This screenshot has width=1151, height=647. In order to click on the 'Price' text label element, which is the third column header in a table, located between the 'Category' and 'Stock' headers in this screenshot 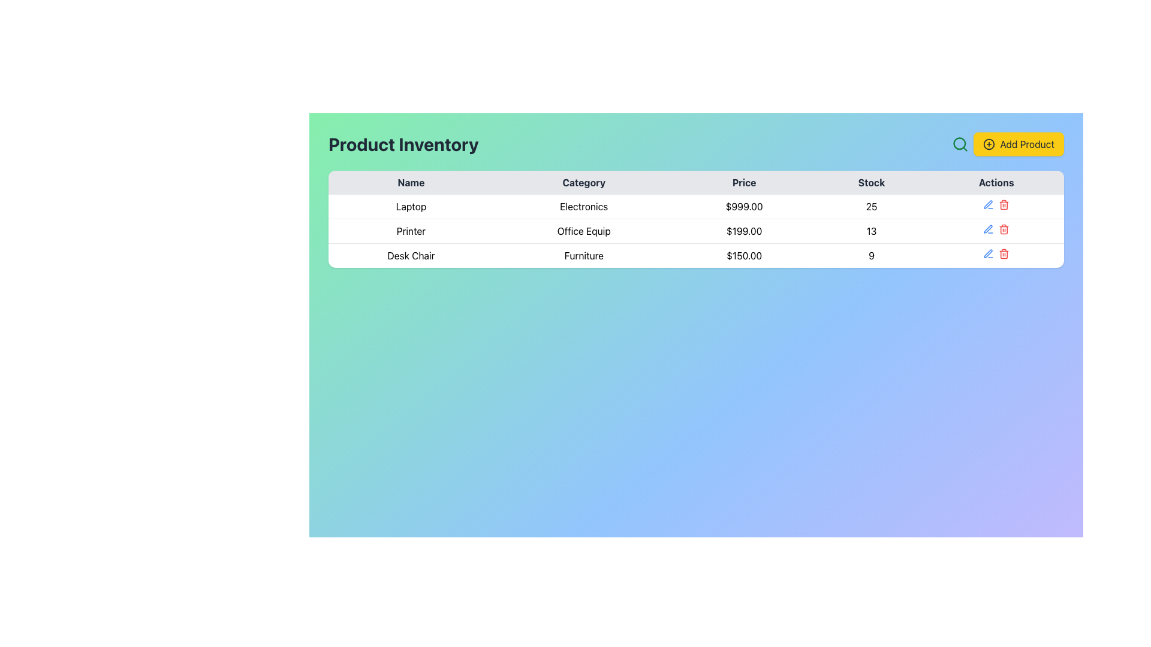, I will do `click(743, 182)`.